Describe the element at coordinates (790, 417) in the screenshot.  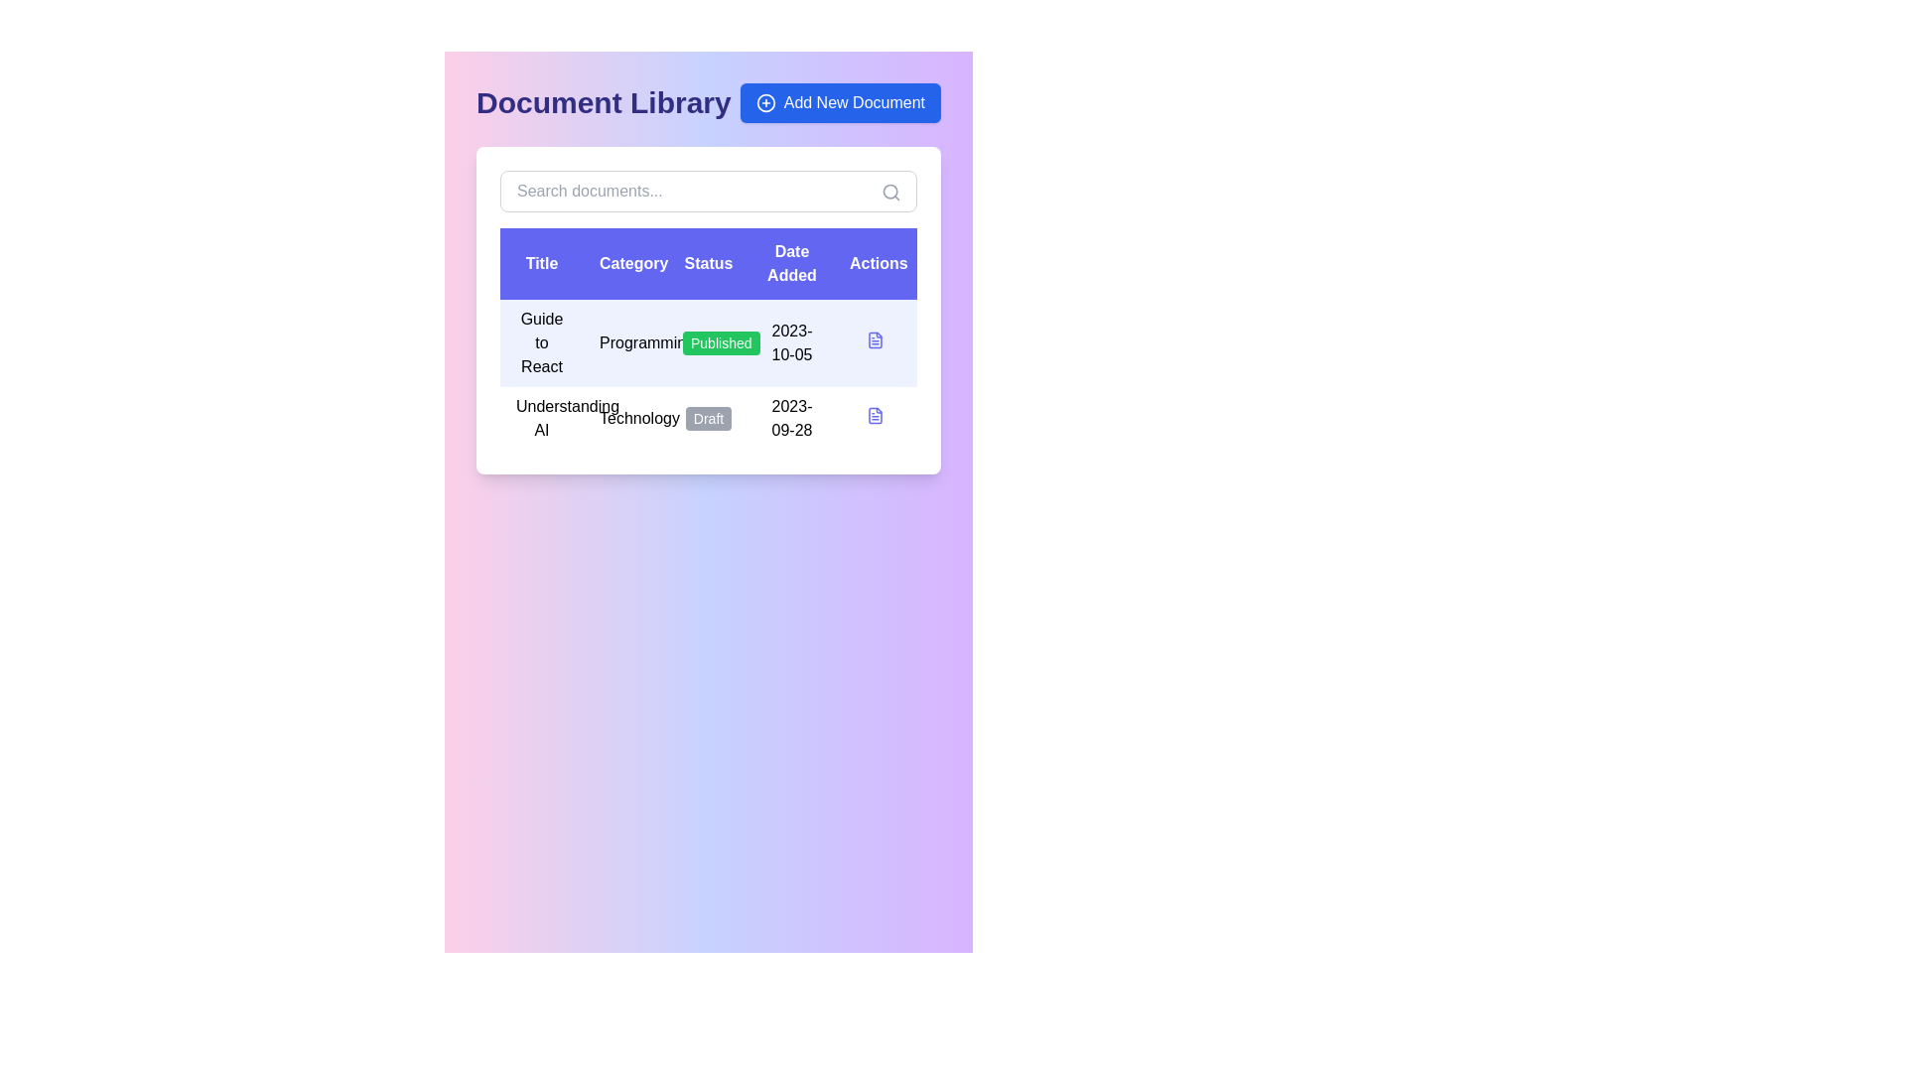
I see `the static text displaying the date related to the associated item in the fourth column of the second row under the 'Date Added' header` at that location.